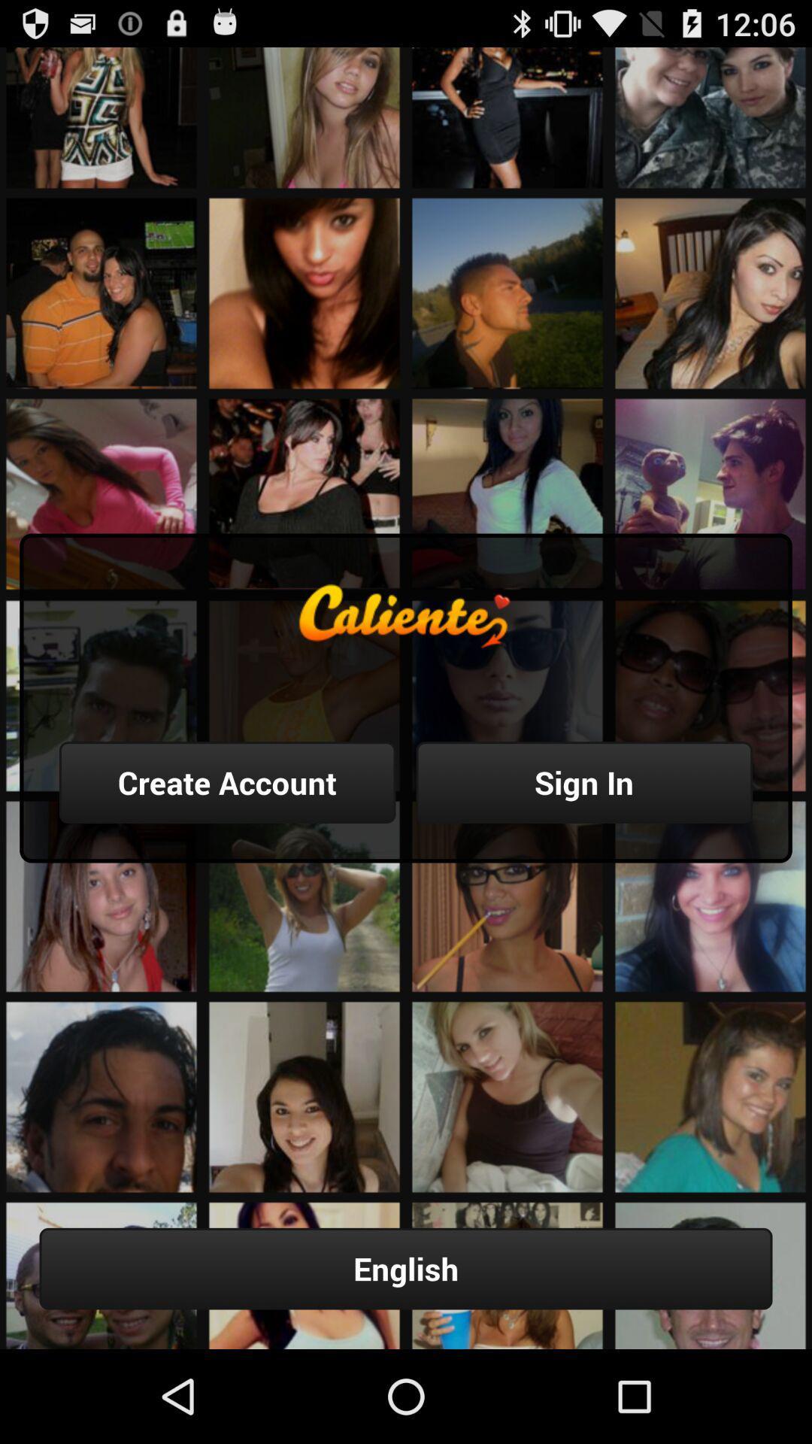 The image size is (812, 1444). I want to click on the item below the create account item, so click(406, 1268).